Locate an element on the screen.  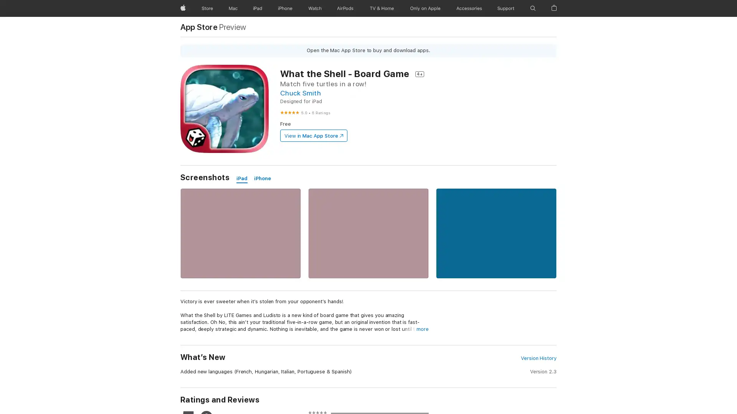
View in Mac App Store is located at coordinates (313, 135).